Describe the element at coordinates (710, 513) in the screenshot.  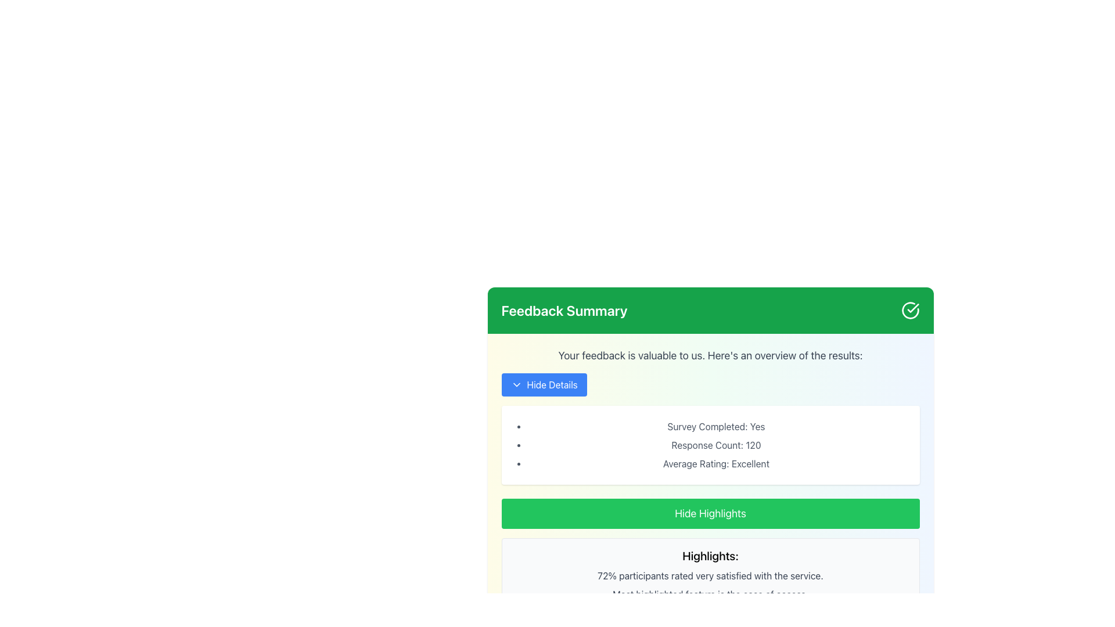
I see `the button that toggles the visibility of the highlights section in the Feedback Summary to change its background shade` at that location.